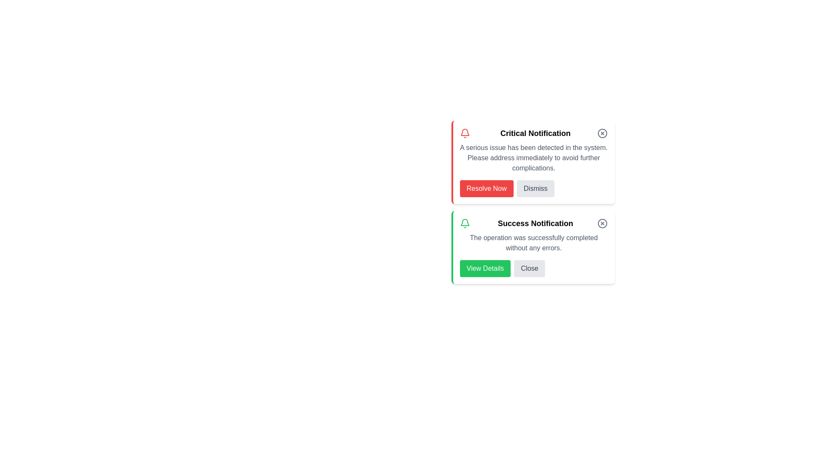  Describe the element at coordinates (602, 133) in the screenshot. I see `the close button located at the top-right corner of the 'Critical Notification' card to change its color` at that location.